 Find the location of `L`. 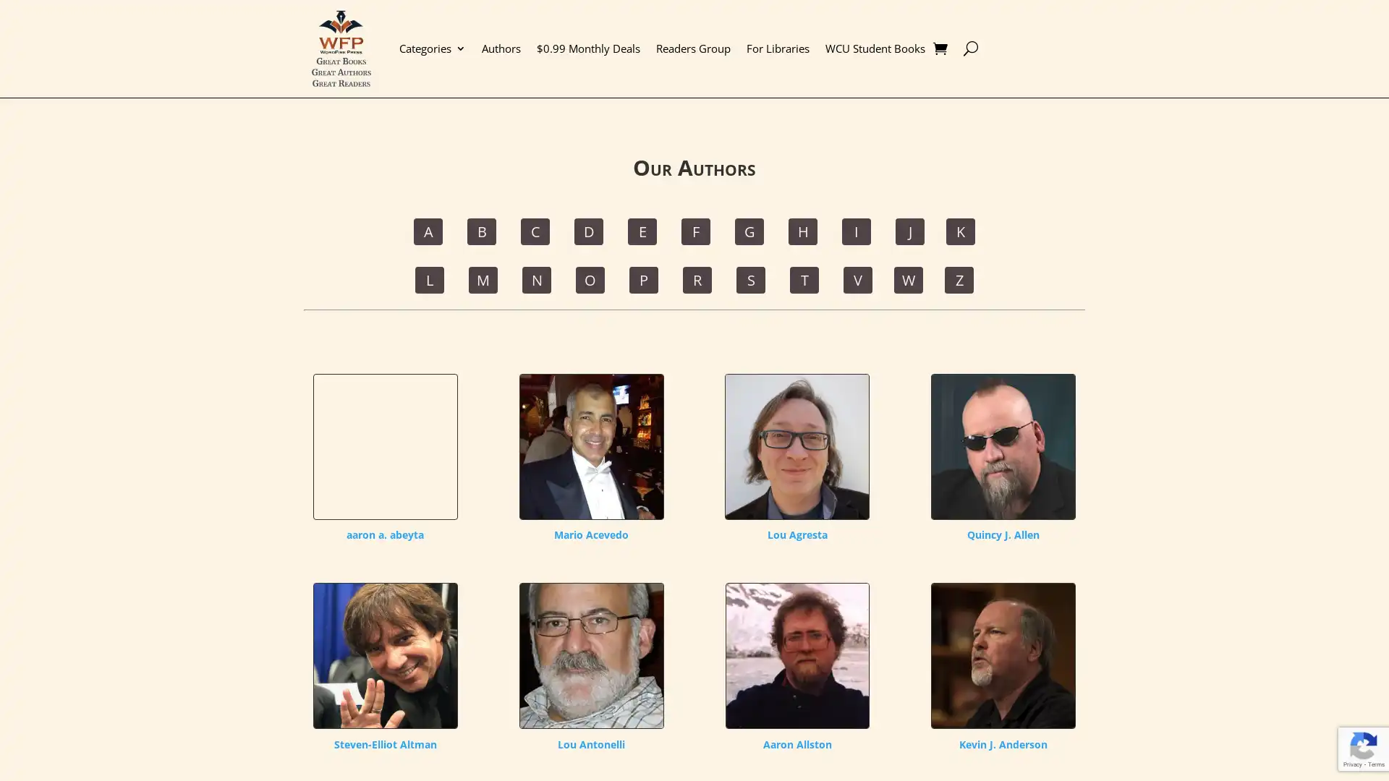

L is located at coordinates (429, 279).